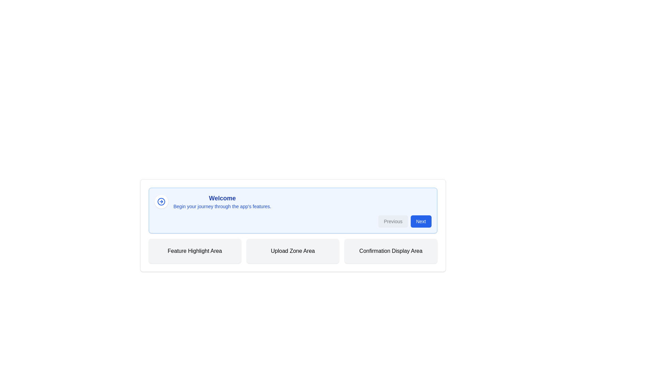  What do you see at coordinates (293, 251) in the screenshot?
I see `any section of the horizontally arranged grid layout containing three informational sections for interaction` at bounding box center [293, 251].